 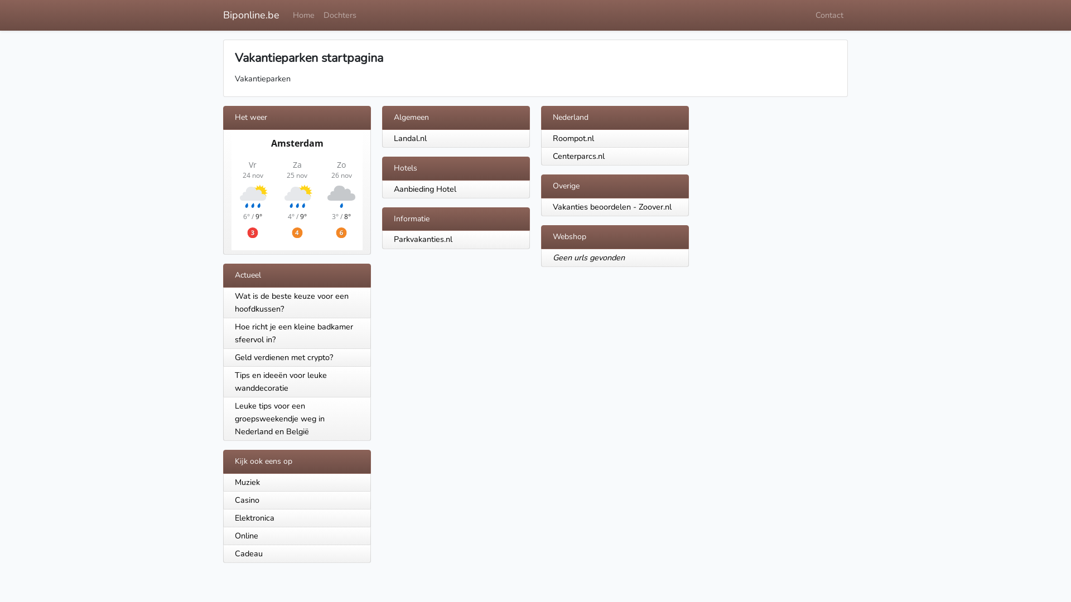 What do you see at coordinates (552, 206) in the screenshot?
I see `'Vakanties beoordelen - Zoover.nl'` at bounding box center [552, 206].